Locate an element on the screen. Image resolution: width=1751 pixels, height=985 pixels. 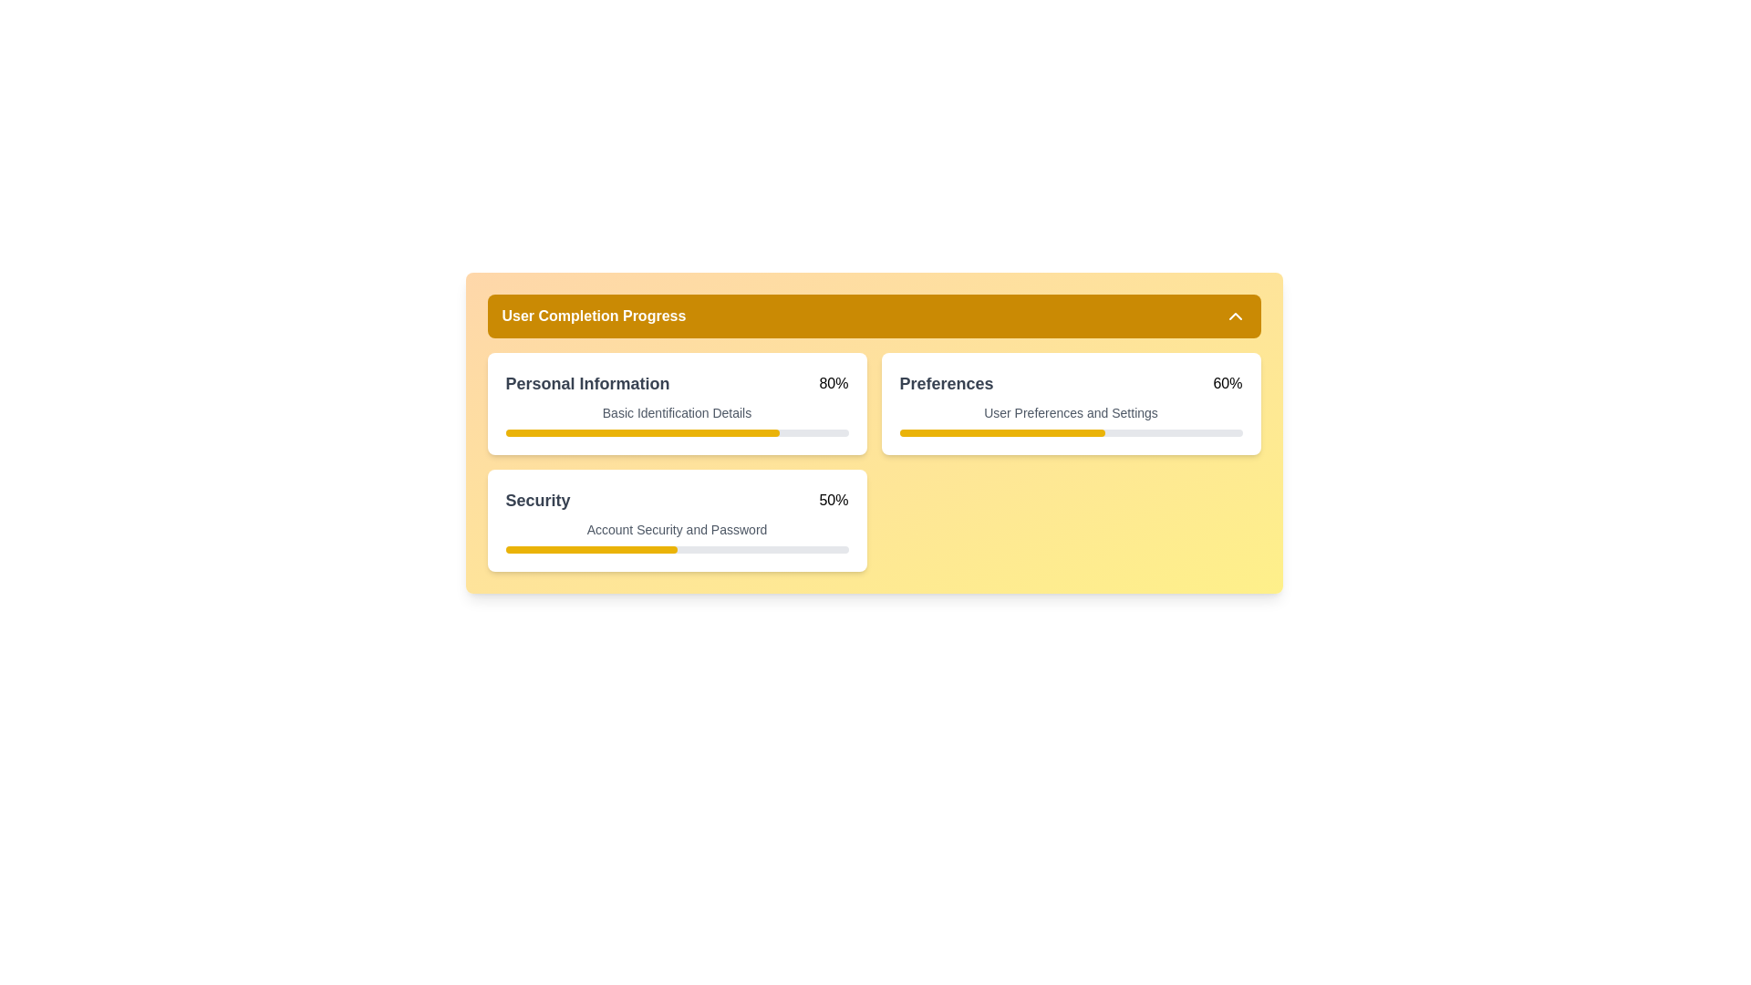
the text label displaying the completion percentage of the 'Preferences' section, which is positioned to the right of the 'Preferences' label and located towards the top-right of the progress information panel is located at coordinates (1228, 382).